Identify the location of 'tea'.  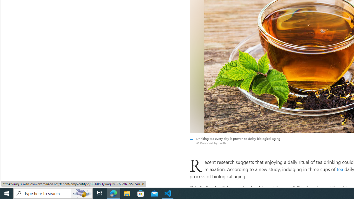
(340, 169).